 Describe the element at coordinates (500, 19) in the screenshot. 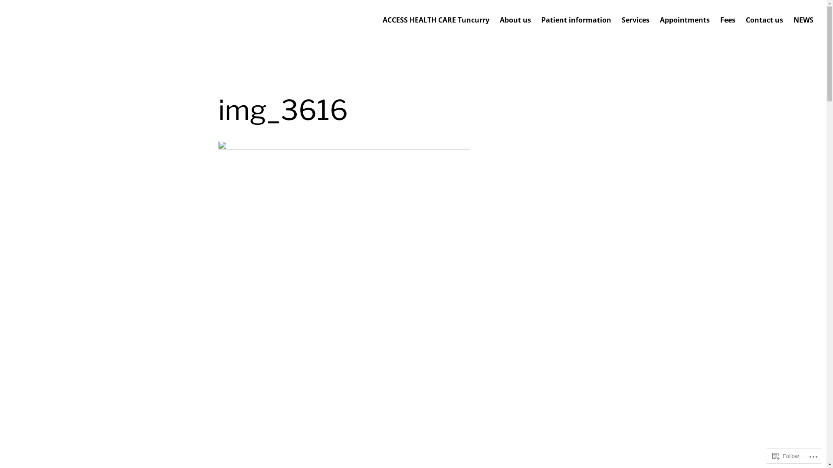

I see `'About us'` at that location.